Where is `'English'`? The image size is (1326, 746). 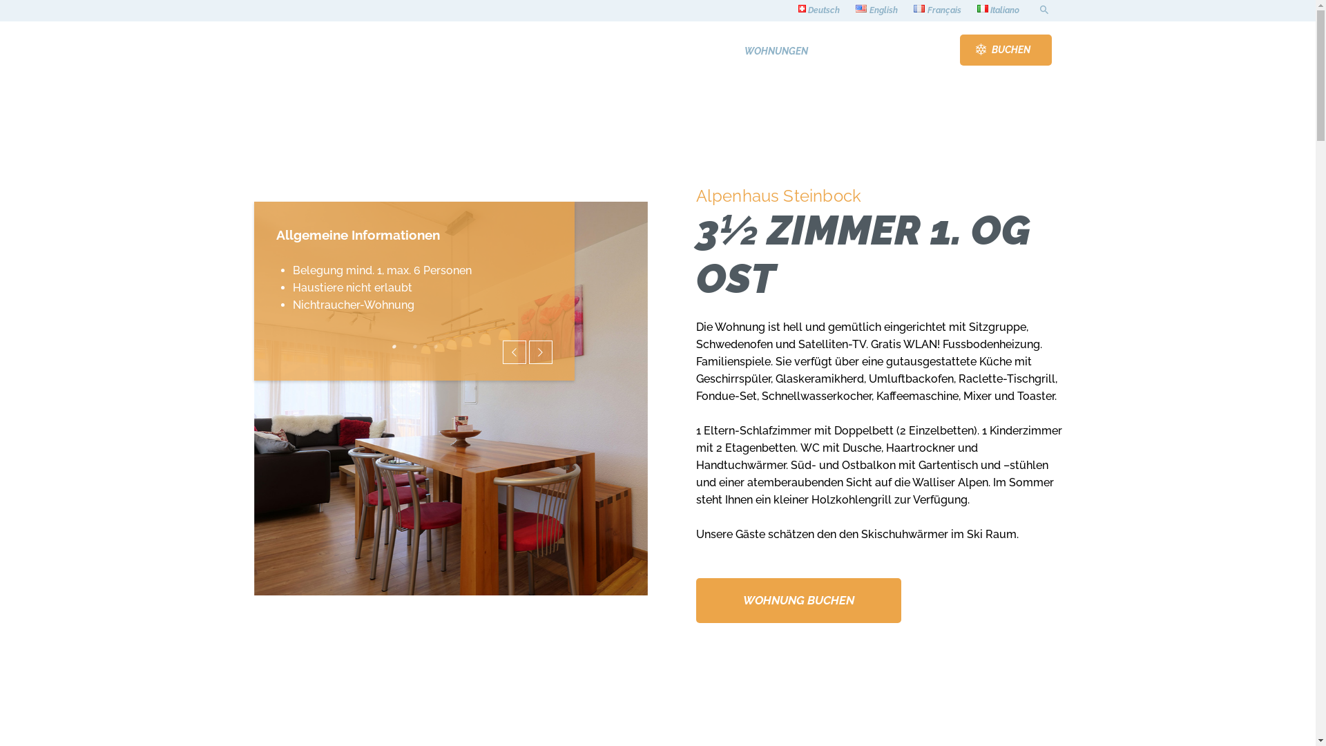
'English' is located at coordinates (854, 8).